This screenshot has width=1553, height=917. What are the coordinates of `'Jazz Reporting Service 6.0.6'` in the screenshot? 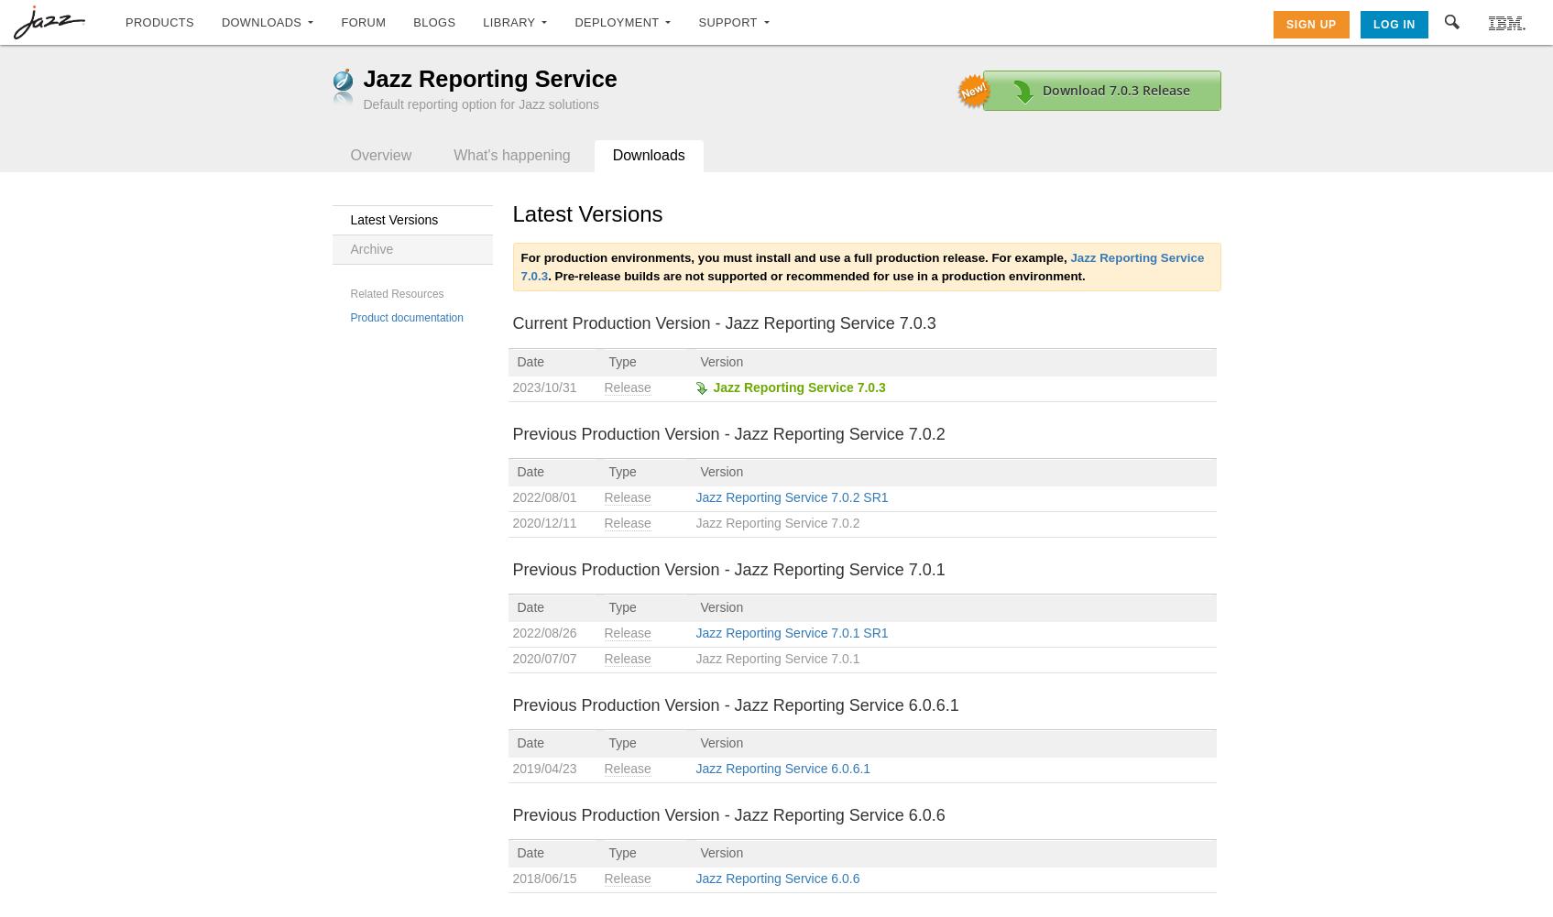 It's located at (694, 877).